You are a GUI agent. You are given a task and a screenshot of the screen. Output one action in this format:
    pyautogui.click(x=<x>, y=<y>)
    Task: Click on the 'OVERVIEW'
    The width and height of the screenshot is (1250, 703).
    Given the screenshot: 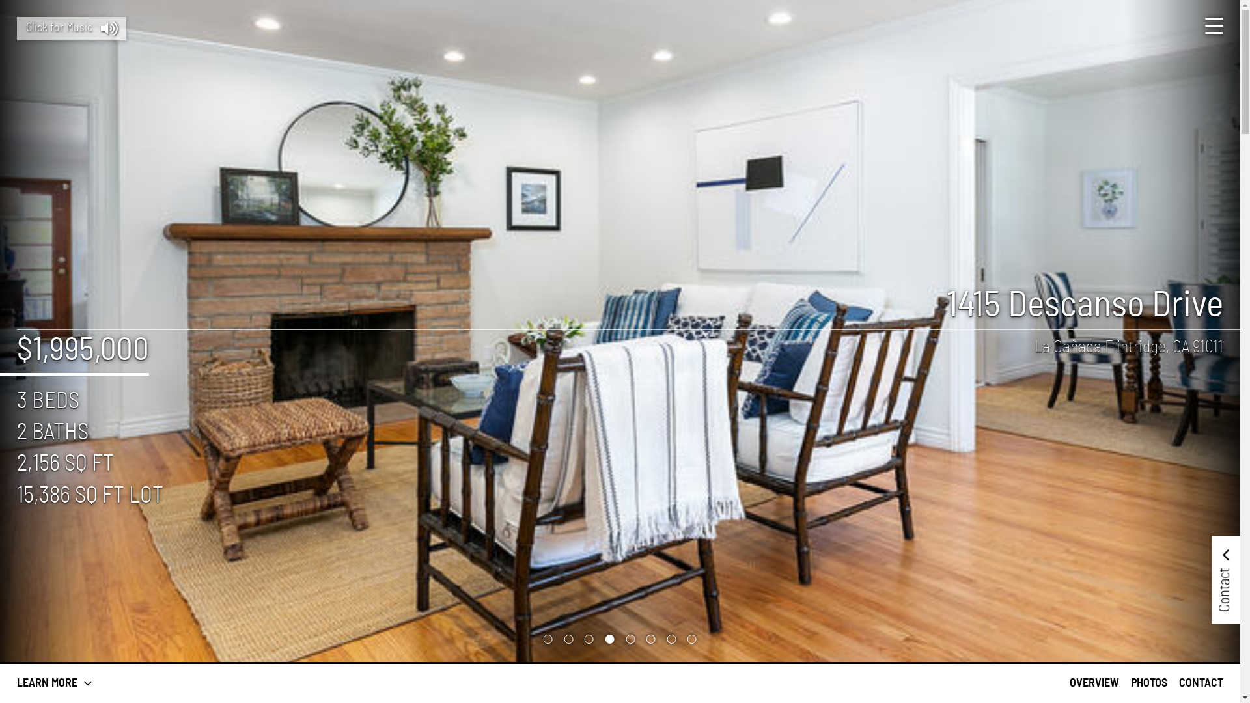 What is the action you would take?
    pyautogui.click(x=1094, y=682)
    